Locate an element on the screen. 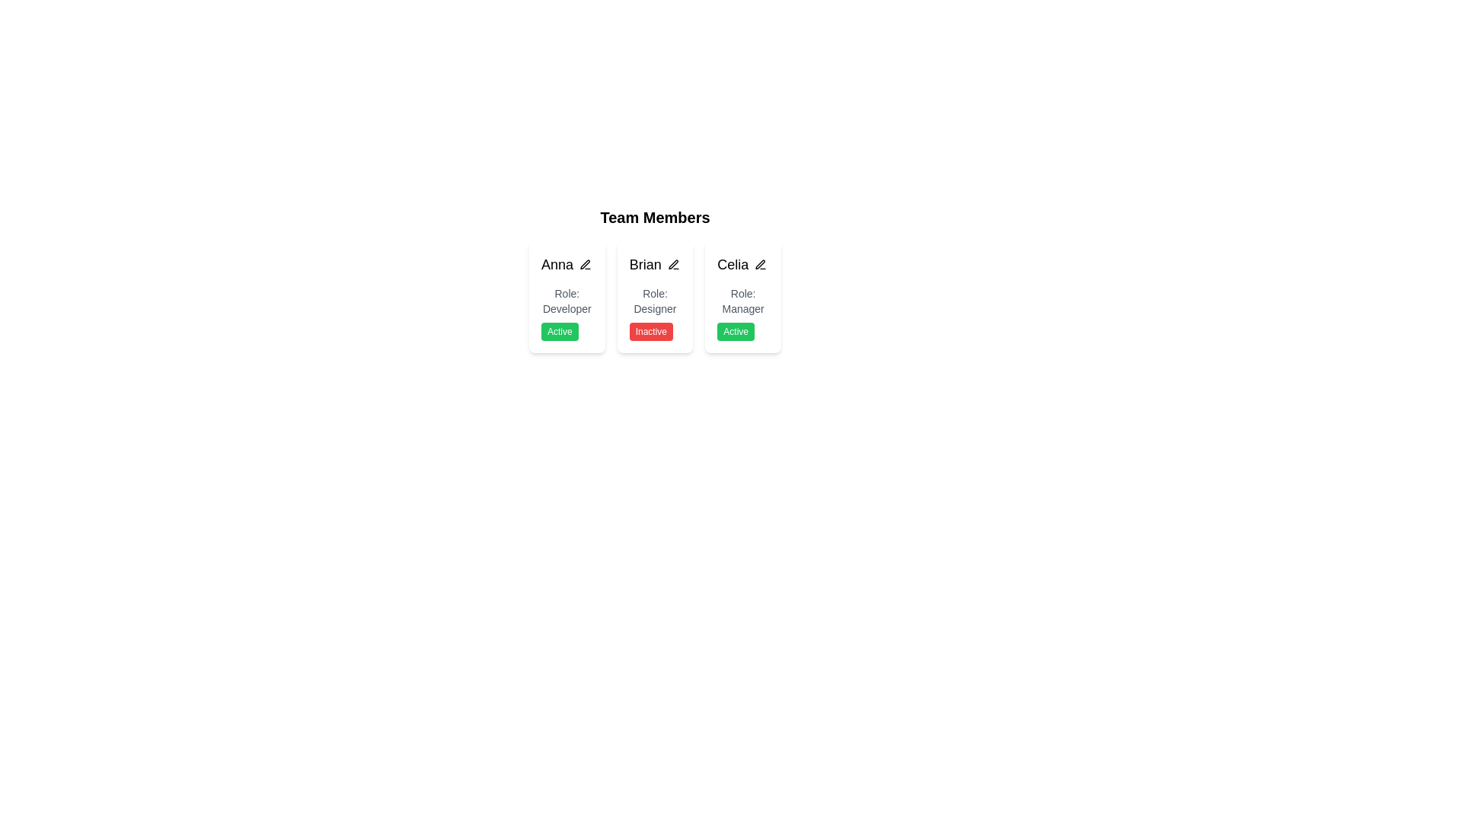 Image resolution: width=1462 pixels, height=822 pixels. the text label 'Role: Developer' which is styled in gray and located within the white rounded card labeled 'Anna'. This label is positioned below the name label and above the status indicator is located at coordinates (566, 301).